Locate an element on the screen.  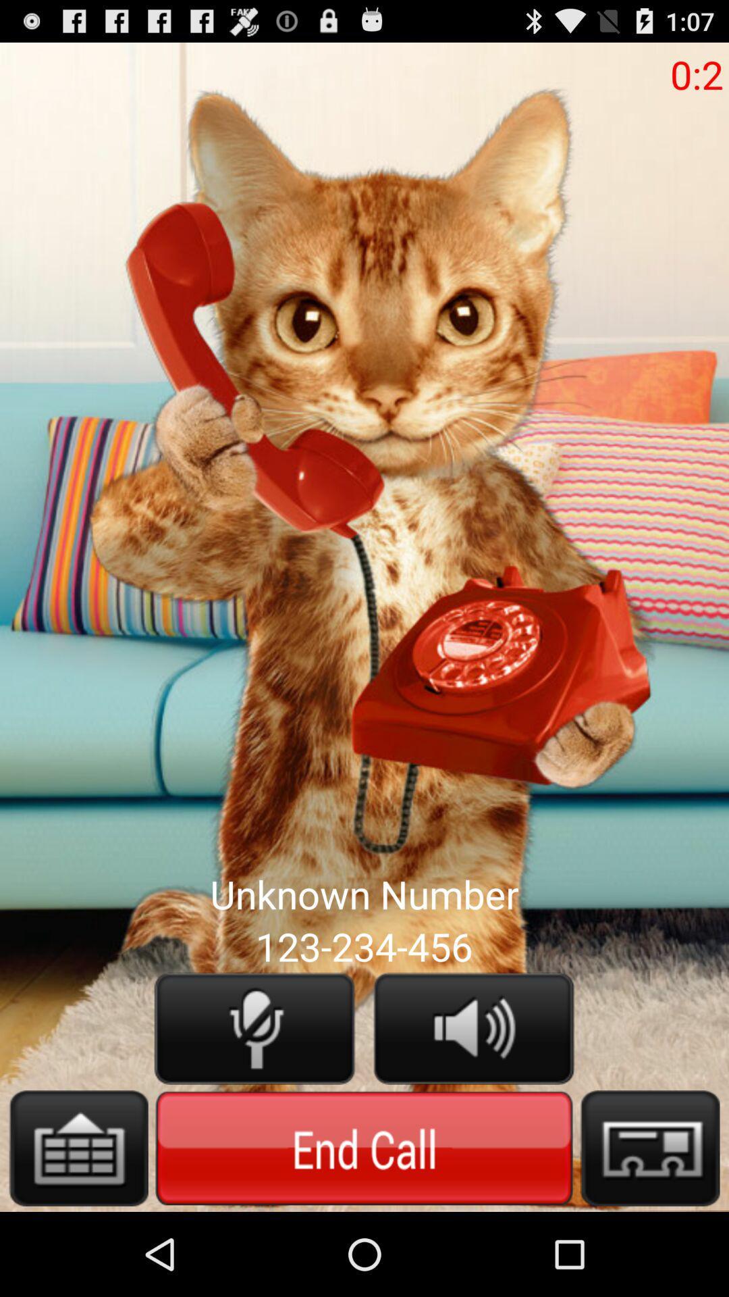
volume button is located at coordinates (473, 1027).